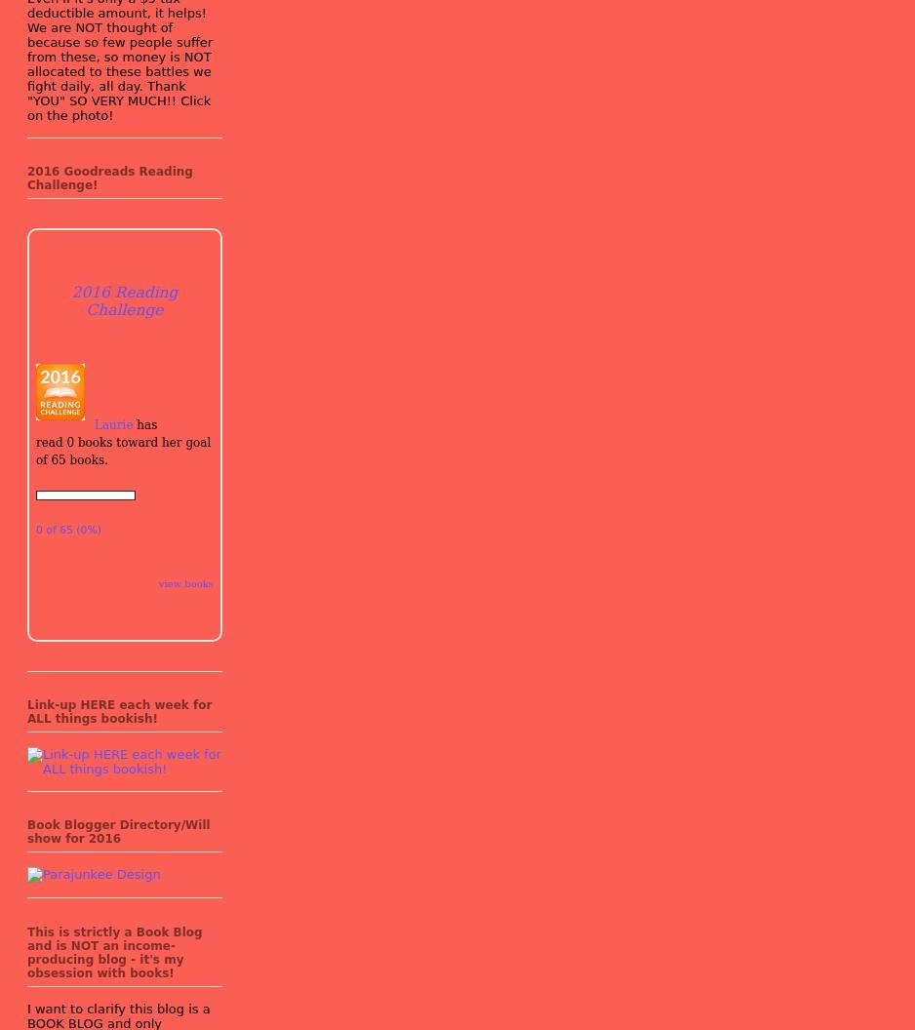 The width and height of the screenshot is (915, 1030). Describe the element at coordinates (184, 582) in the screenshot. I see `'view books'` at that location.